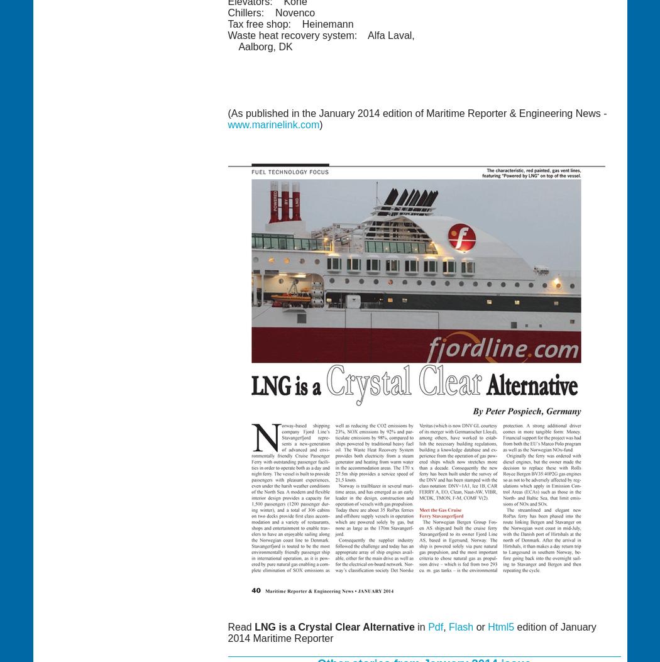  I want to click on 'Html5', so click(487, 626).